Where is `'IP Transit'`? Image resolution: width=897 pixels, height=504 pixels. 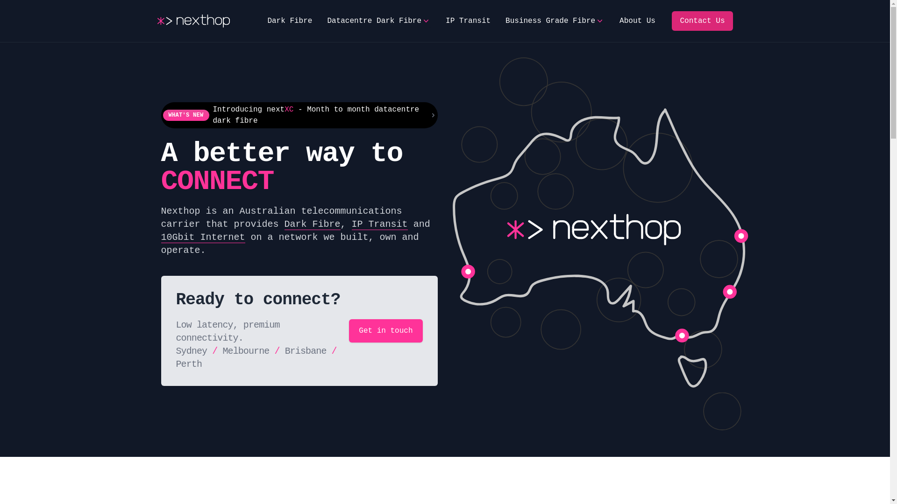
'IP Transit' is located at coordinates (379, 224).